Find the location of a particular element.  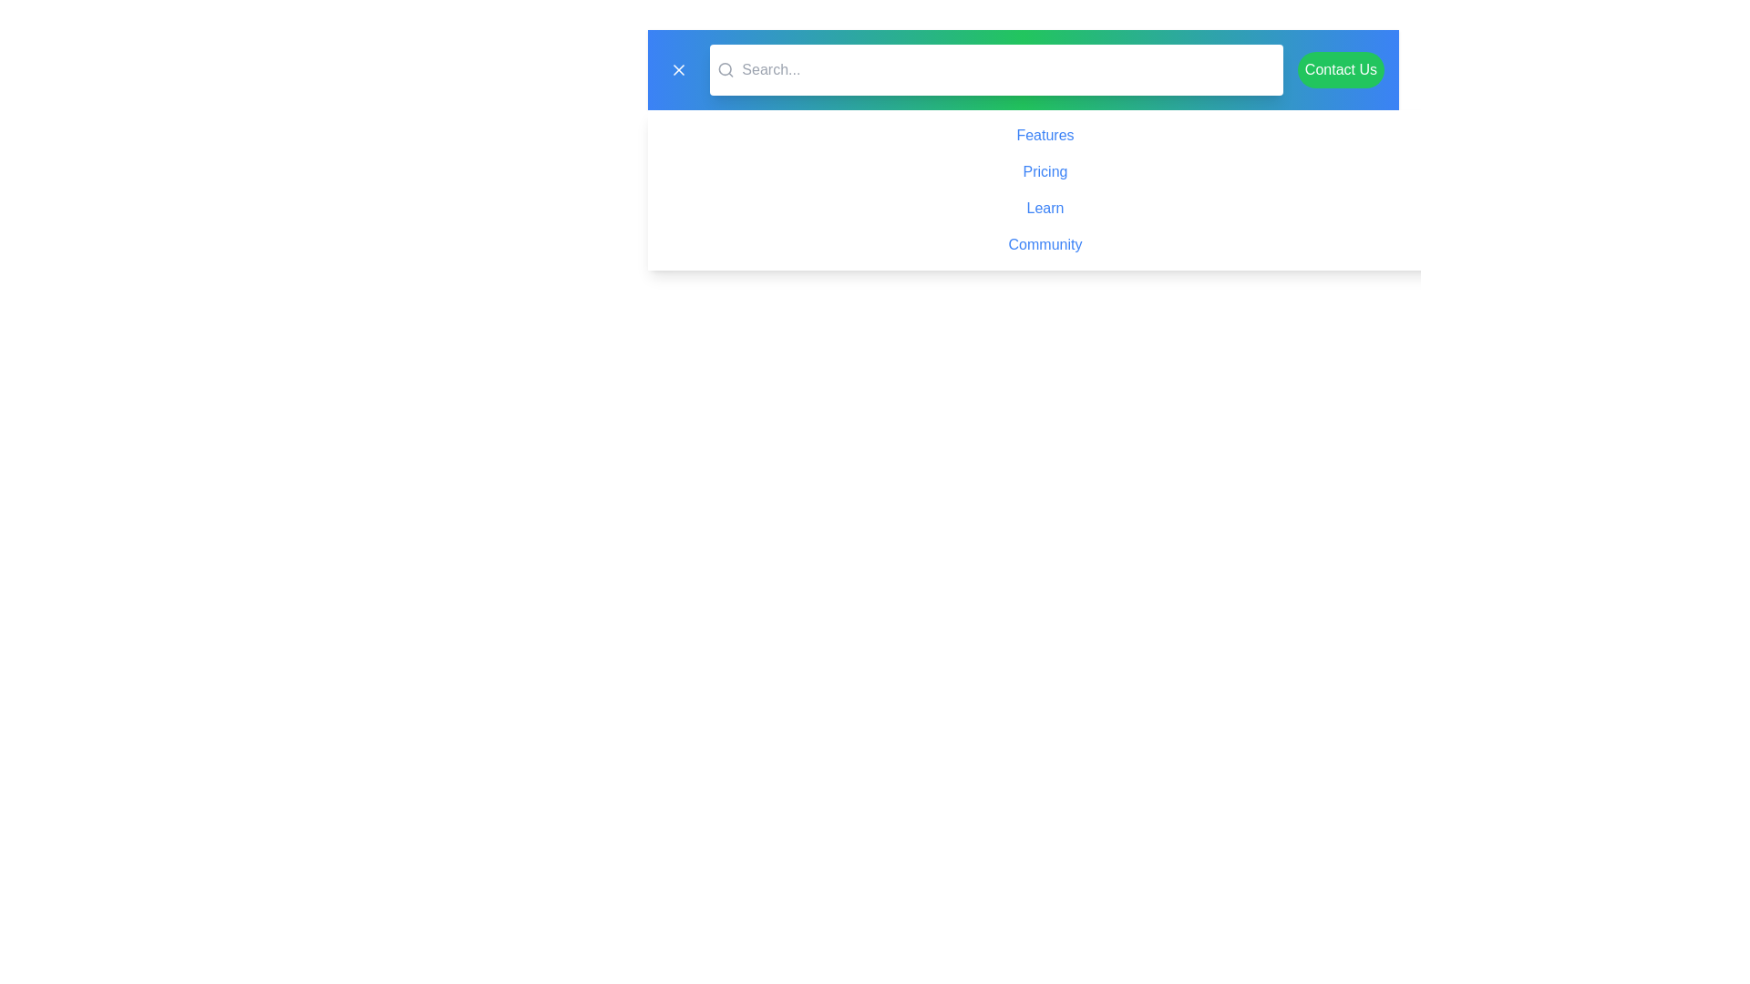

the 'Pricing' hyperlink located below the search bar is located at coordinates (1045, 171).